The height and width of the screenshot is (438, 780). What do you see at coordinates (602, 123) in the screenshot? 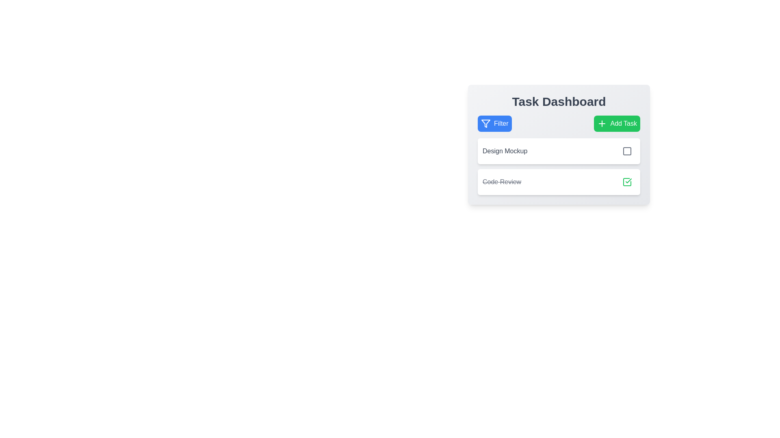
I see `the icon located inside the 'Add Task' button in the top-right corner of the task management interface` at bounding box center [602, 123].